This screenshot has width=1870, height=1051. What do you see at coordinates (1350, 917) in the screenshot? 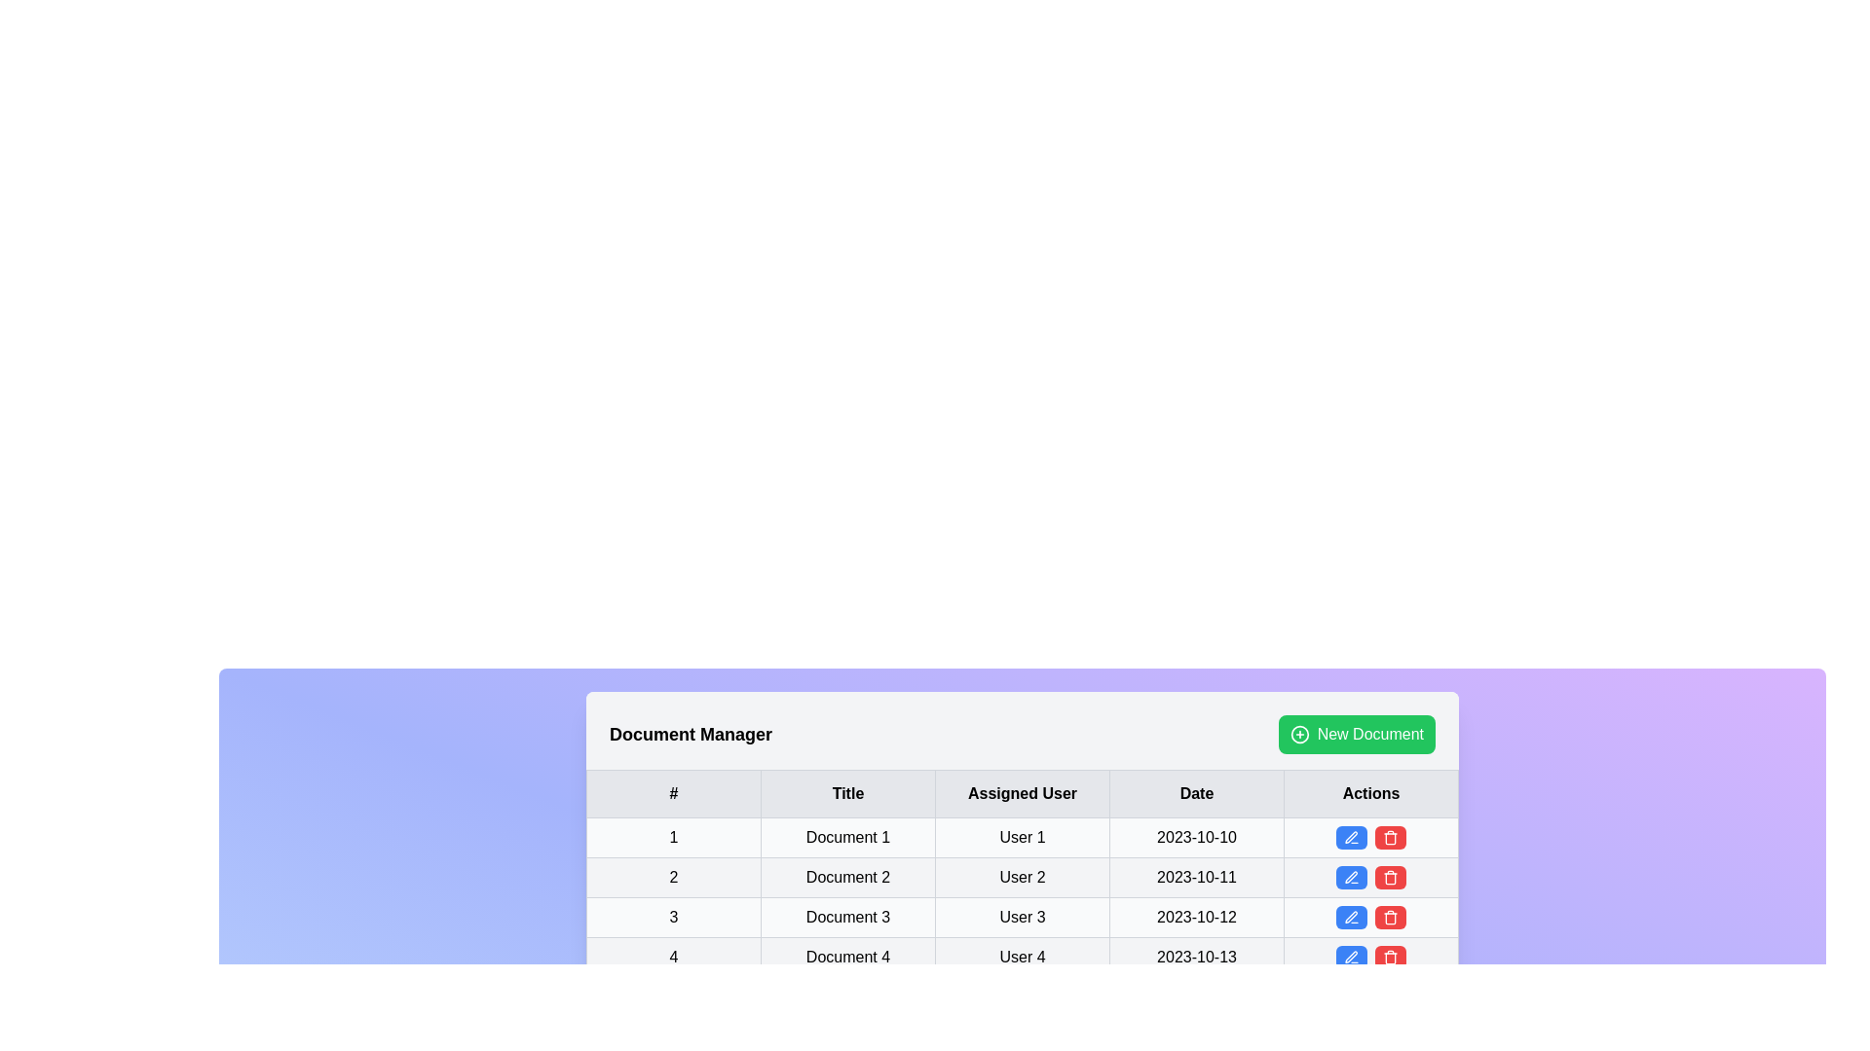
I see `the blue button displaying a pen icon in the Actions column of the third row to initiate editing` at bounding box center [1350, 917].